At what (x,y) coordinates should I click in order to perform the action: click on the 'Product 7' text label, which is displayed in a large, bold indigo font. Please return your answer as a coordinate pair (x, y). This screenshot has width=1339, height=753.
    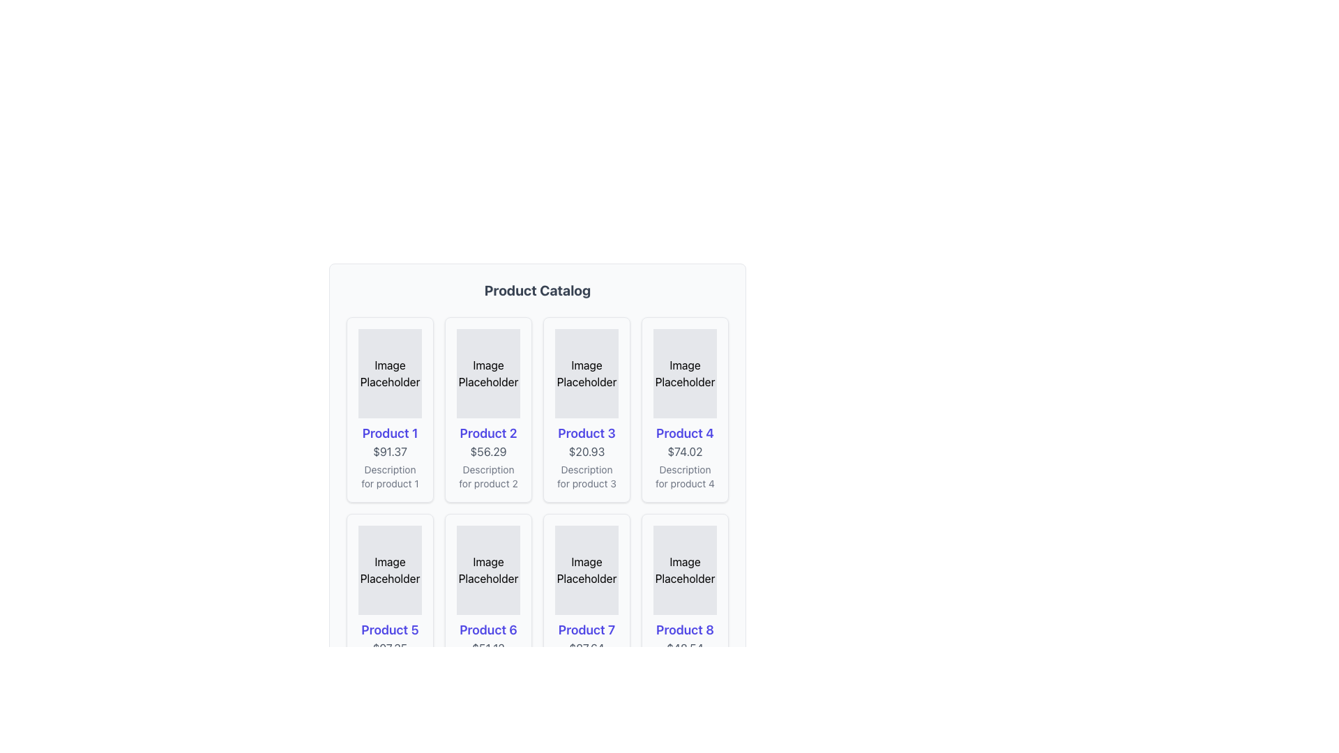
    Looking at the image, I should click on (587, 630).